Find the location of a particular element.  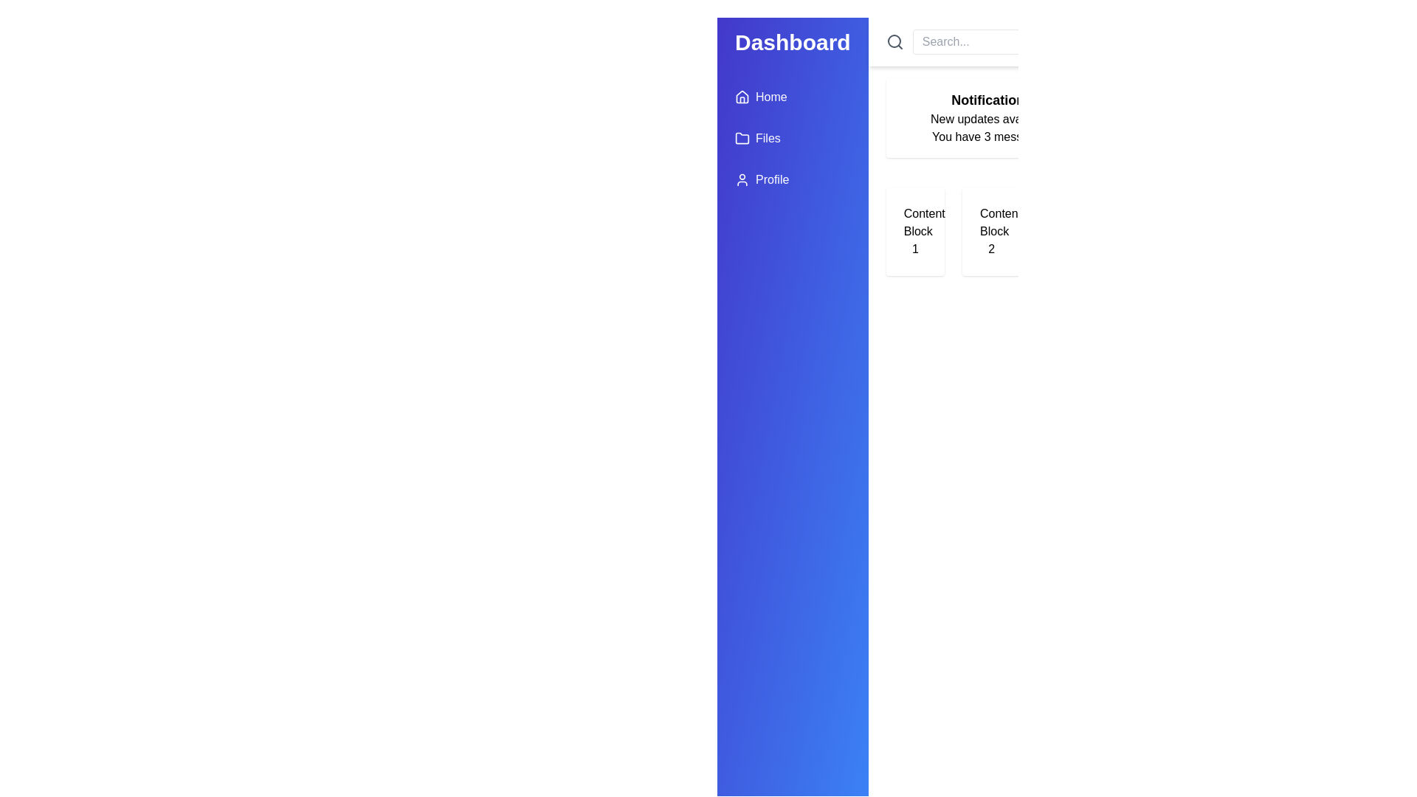

the white rectangular block with rounded corners containing the text 'Content Block 2' to interact with it is located at coordinates (991, 231).